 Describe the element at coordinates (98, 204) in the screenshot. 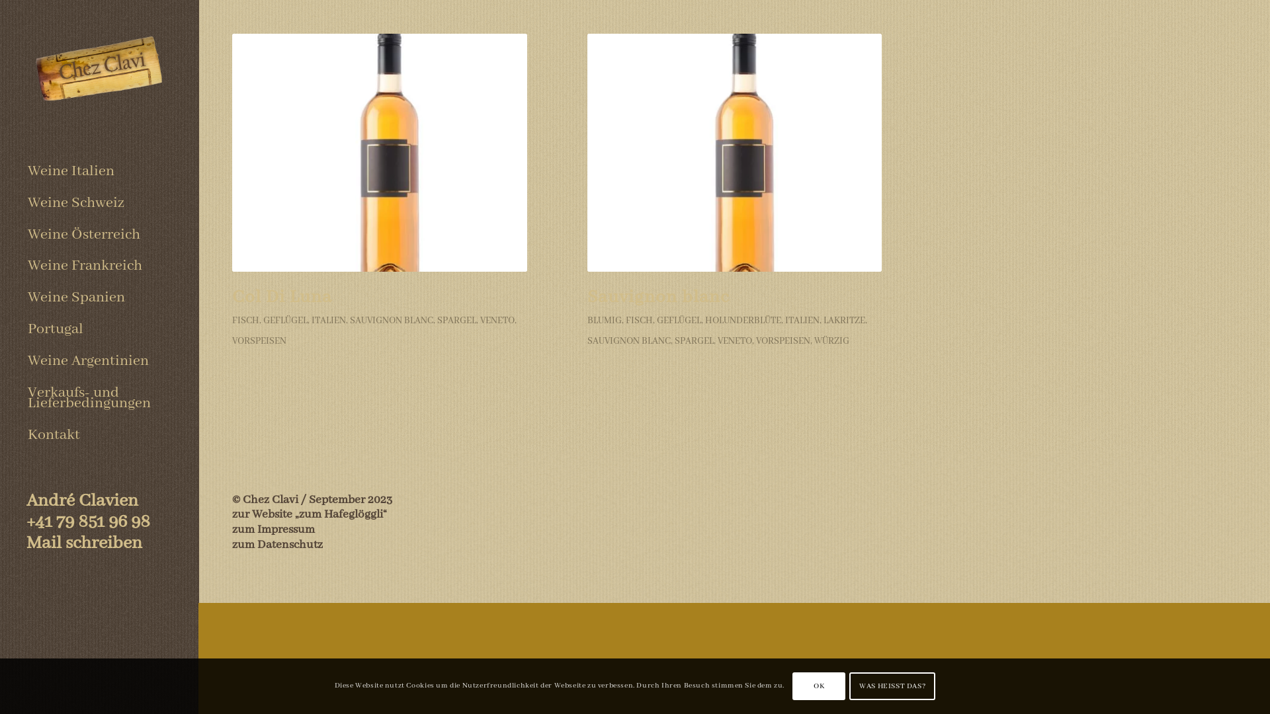

I see `'Weine Schweiz'` at that location.